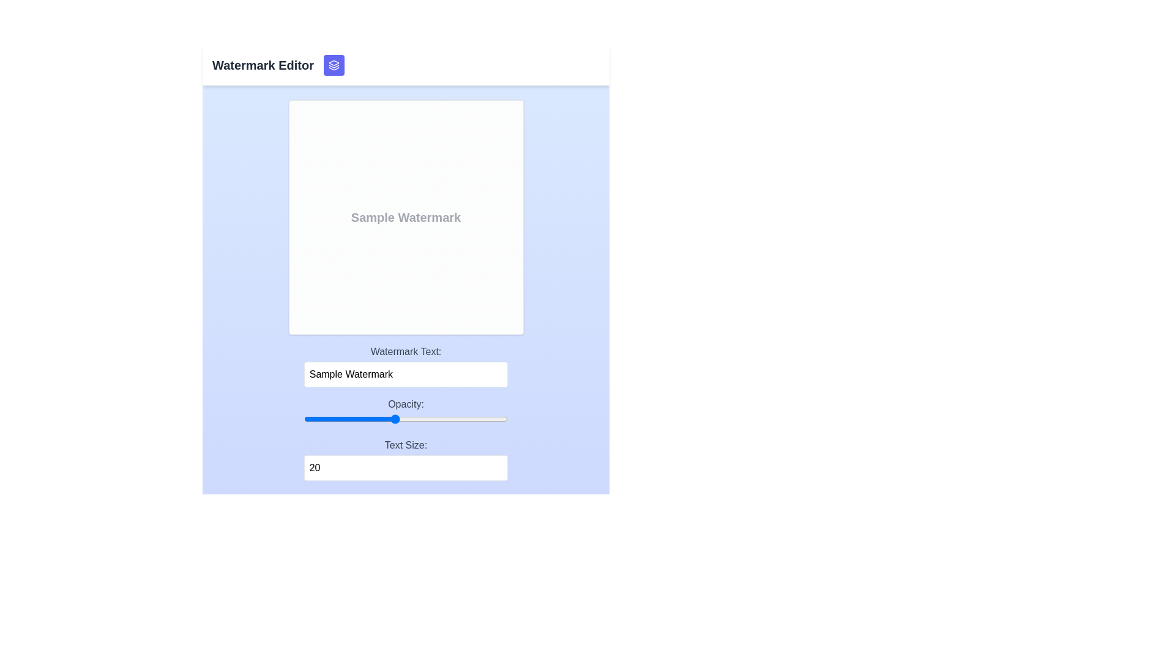  Describe the element at coordinates (280, 419) in the screenshot. I see `the opacity` at that location.